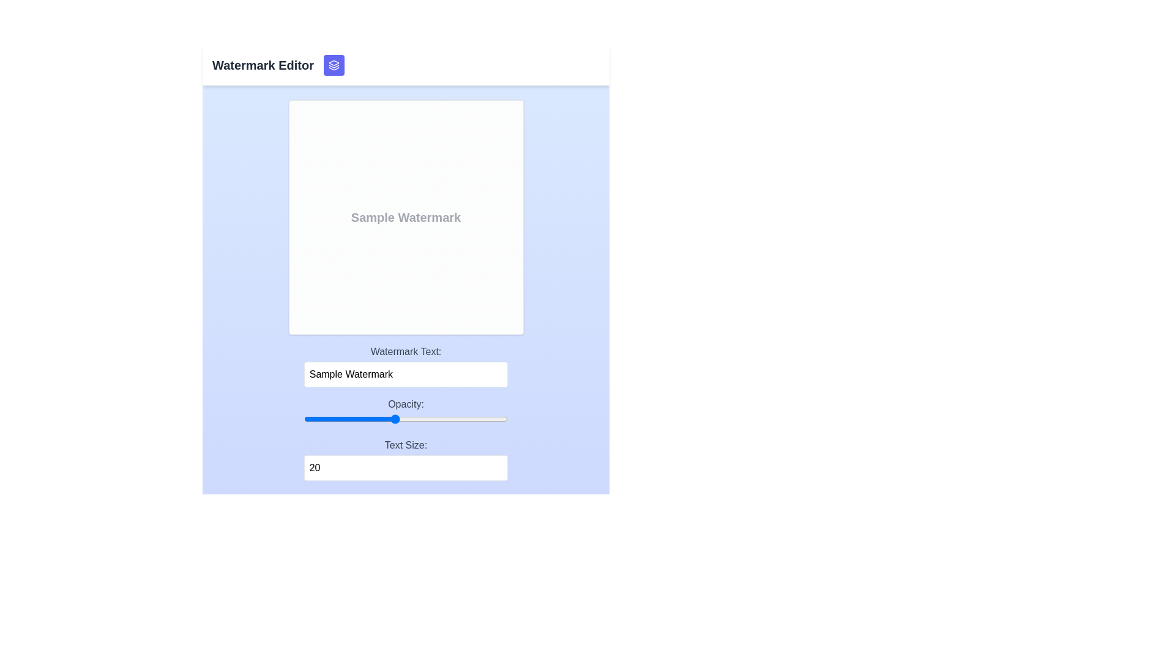  Describe the element at coordinates (280, 419) in the screenshot. I see `the opacity` at that location.